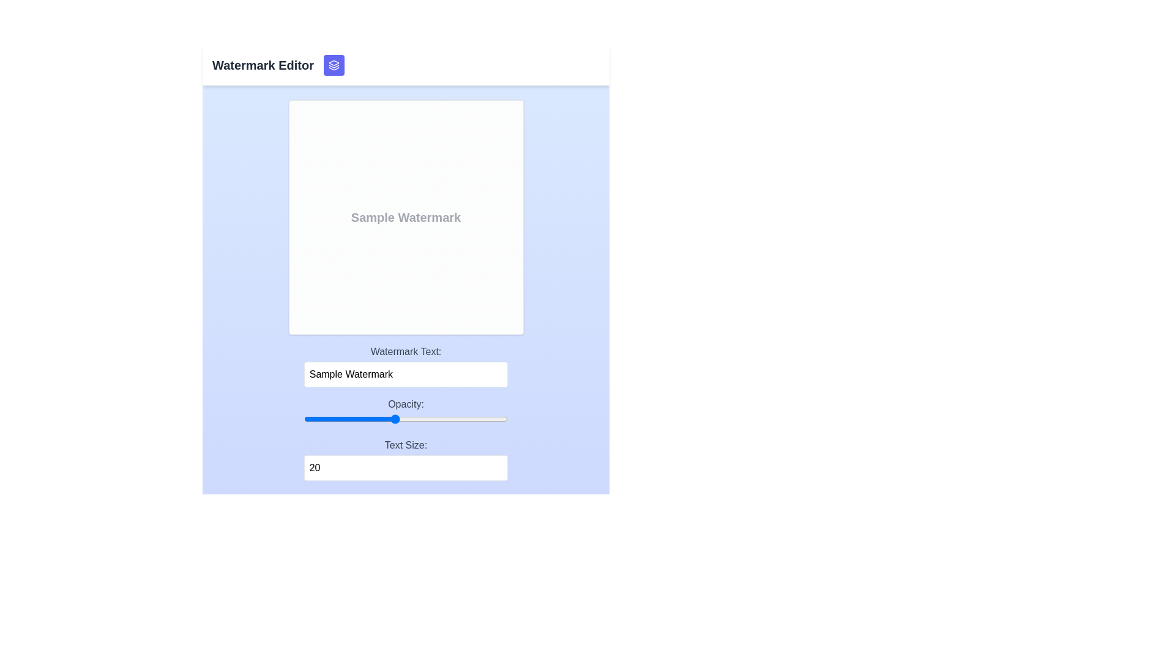  Describe the element at coordinates (280, 419) in the screenshot. I see `the opacity` at that location.